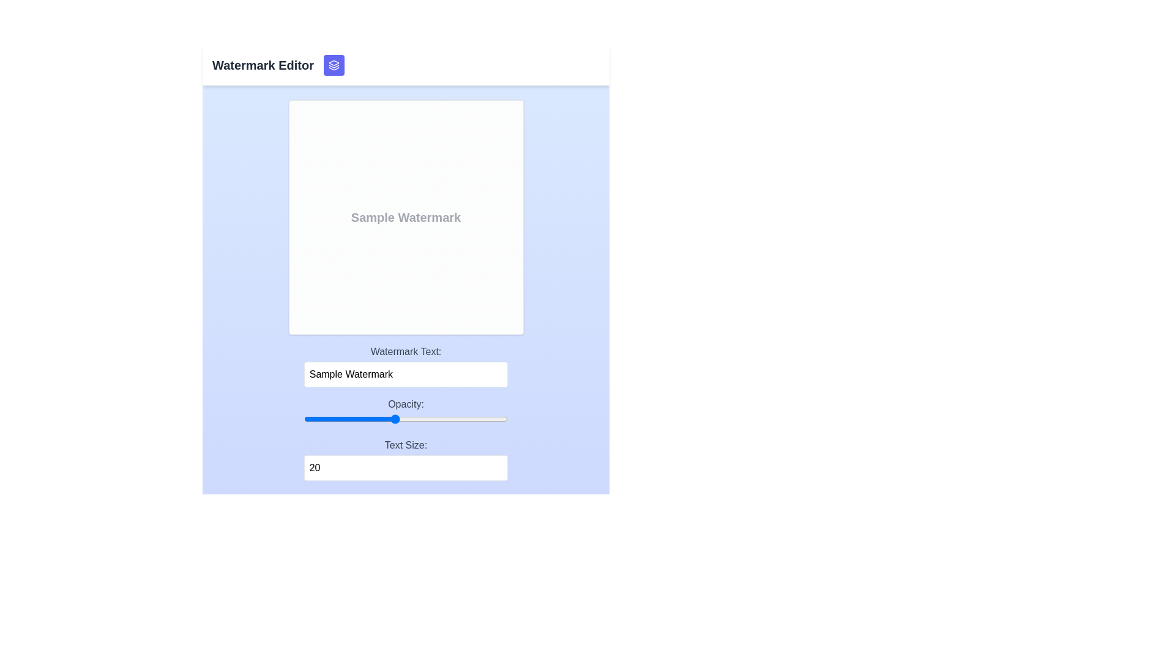  Describe the element at coordinates (280, 419) in the screenshot. I see `the opacity` at that location.